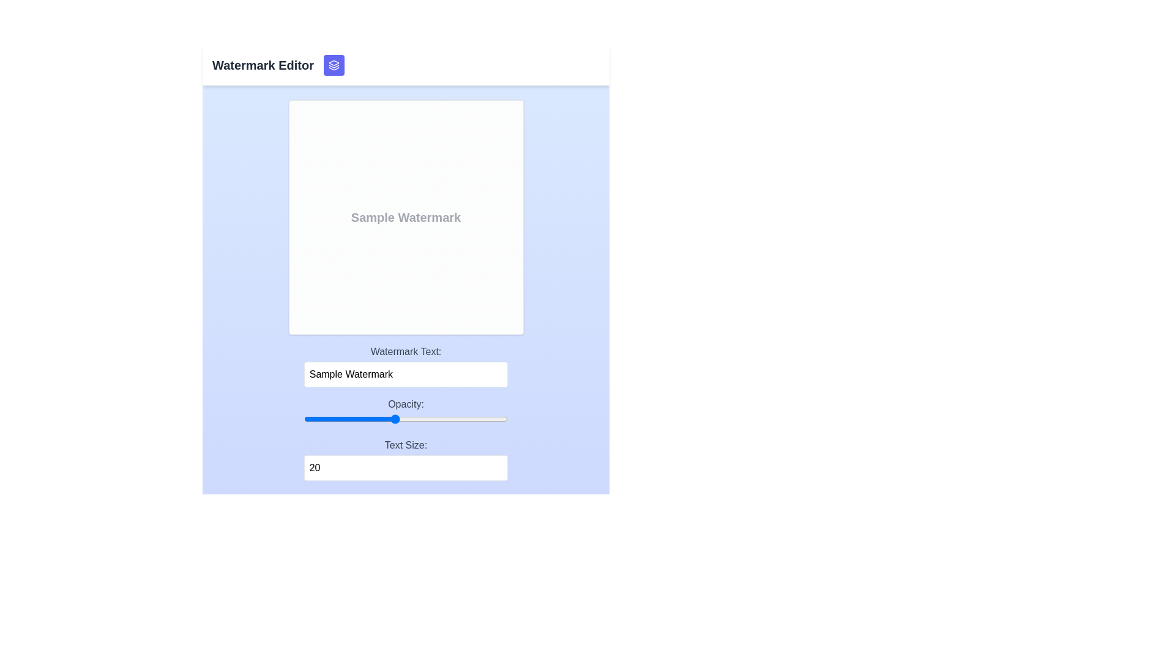  Describe the element at coordinates (280, 419) in the screenshot. I see `the opacity` at that location.